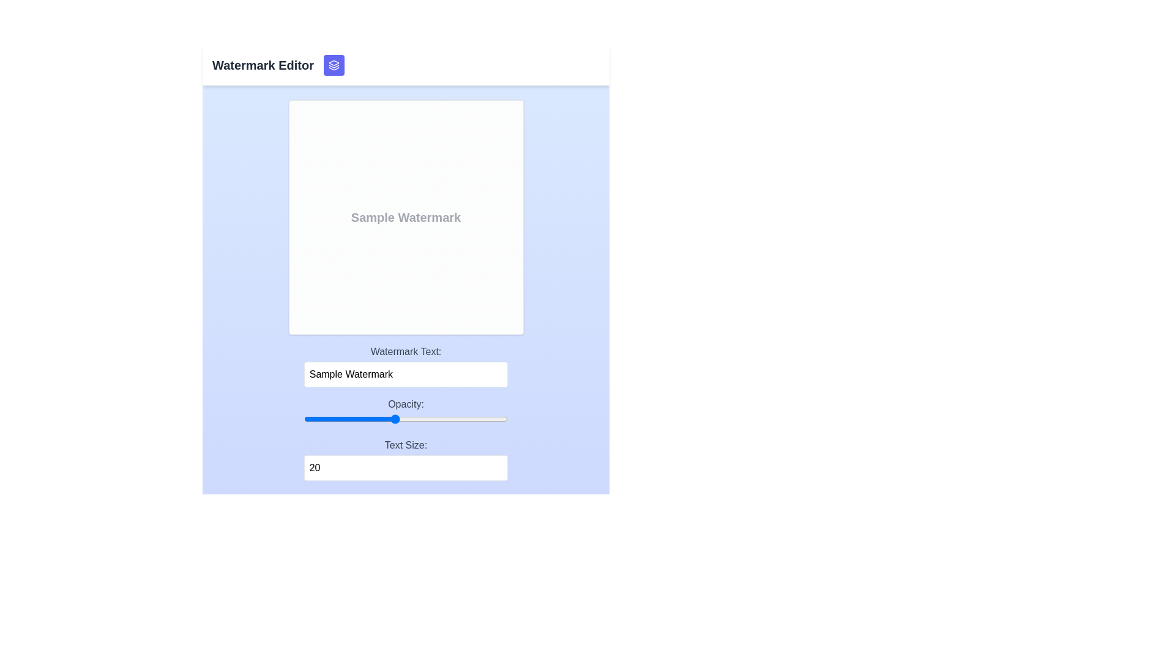  Describe the element at coordinates (280, 419) in the screenshot. I see `the opacity` at that location.